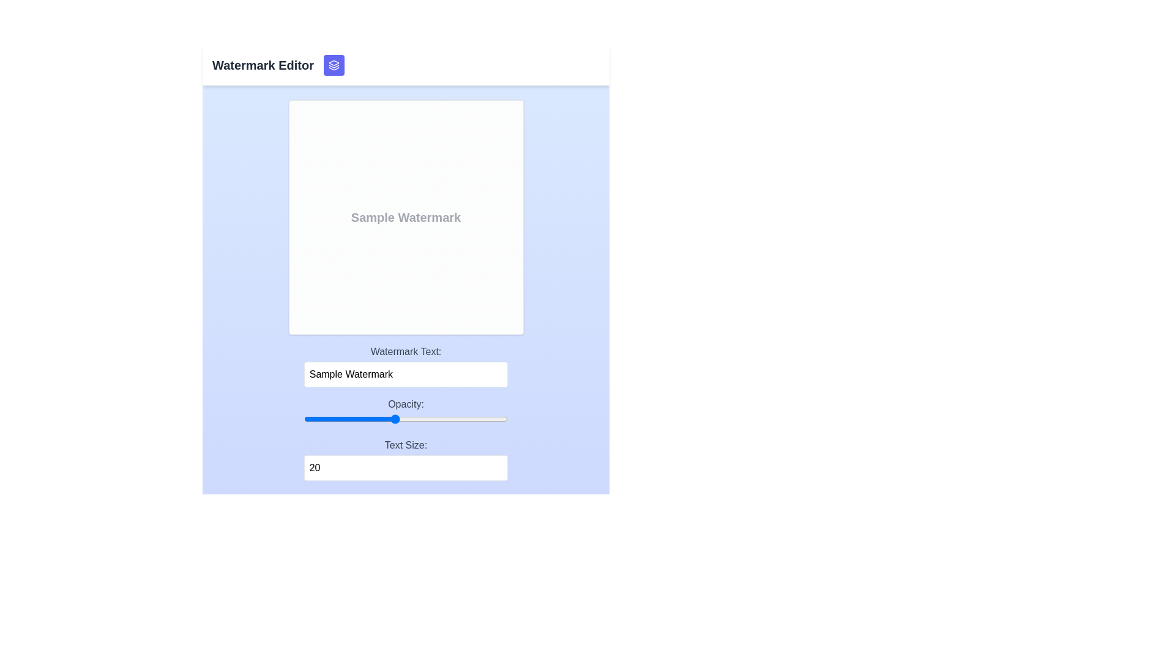  Describe the element at coordinates (280, 419) in the screenshot. I see `the opacity` at that location.